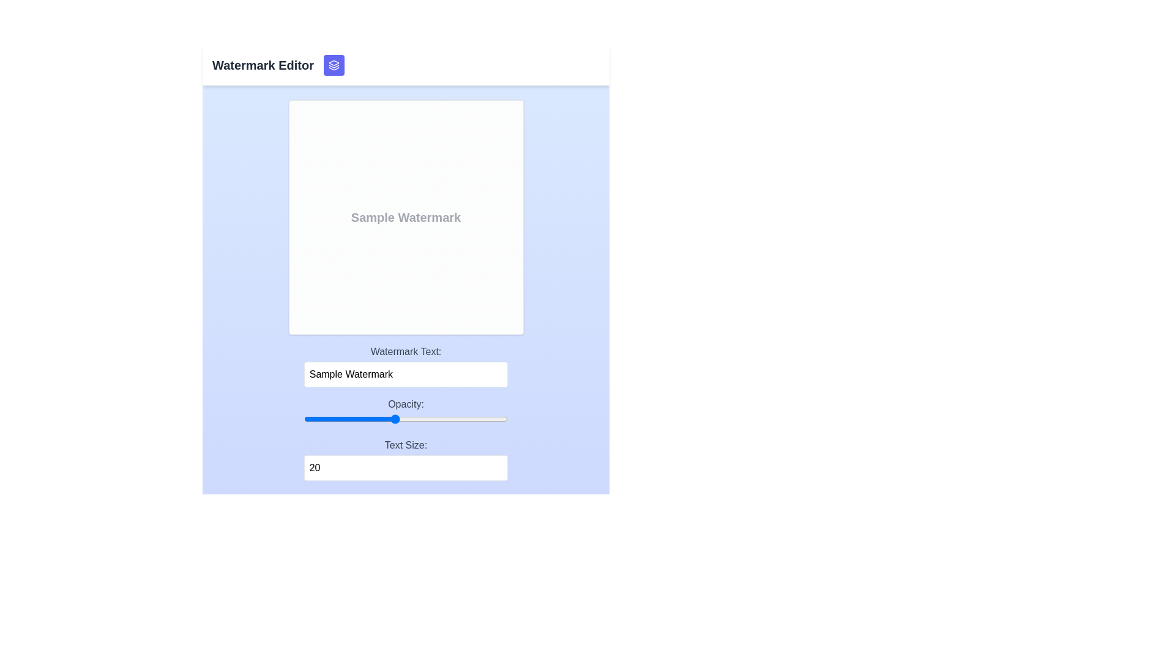  Describe the element at coordinates (280, 419) in the screenshot. I see `the opacity` at that location.